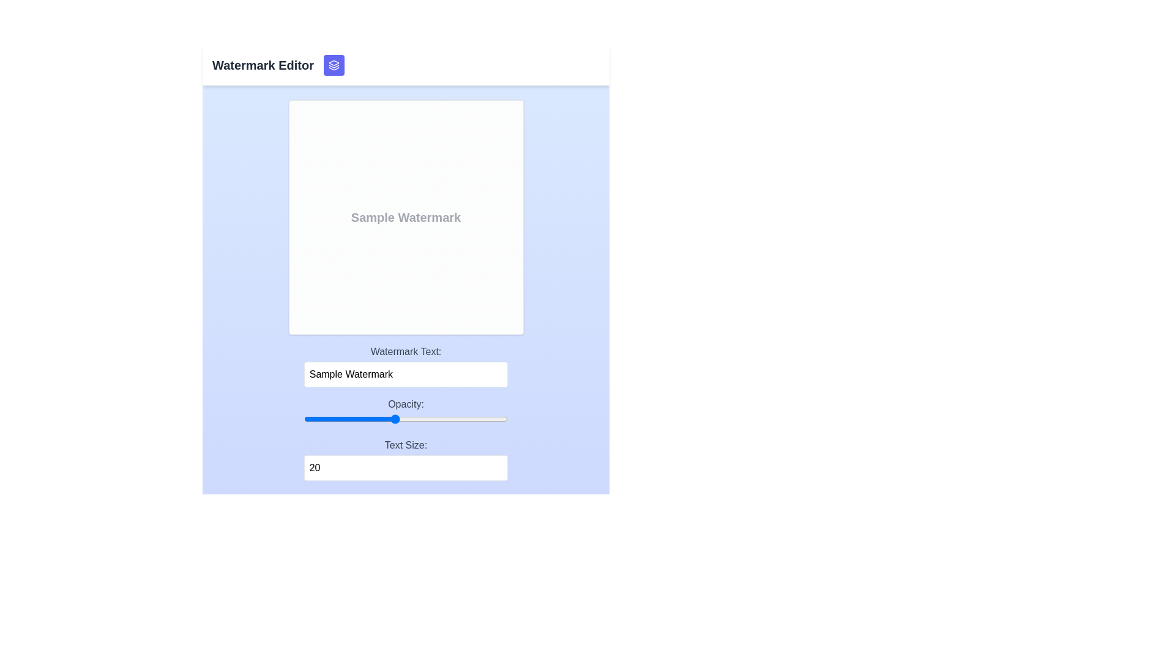  Describe the element at coordinates (280, 419) in the screenshot. I see `the opacity` at that location.